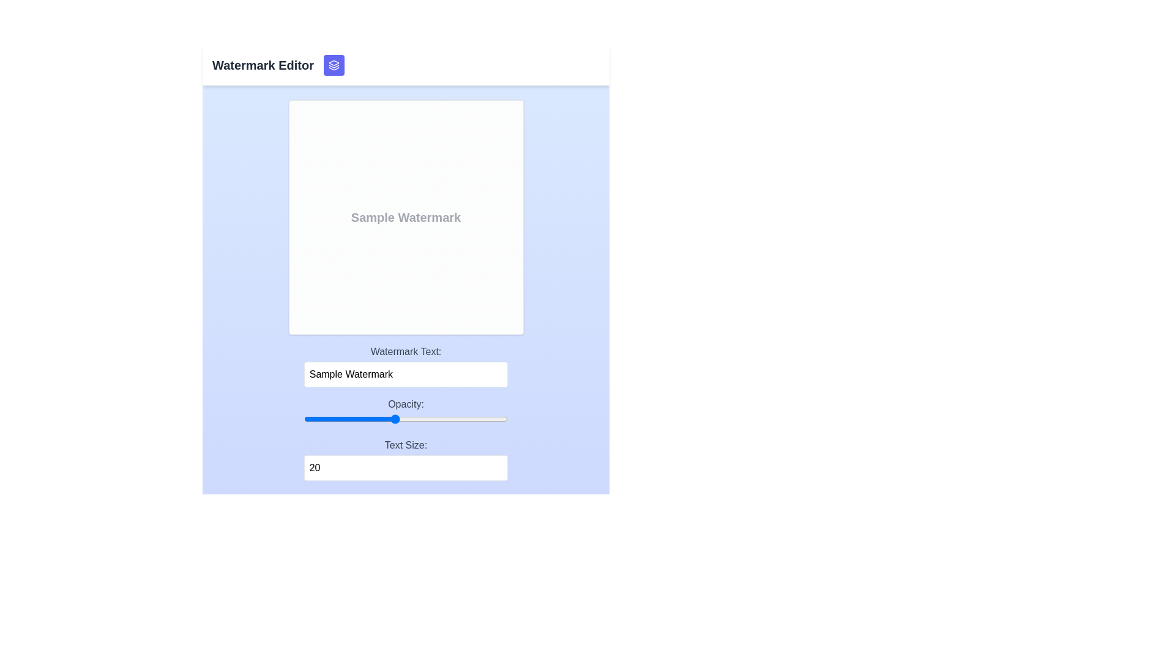  Describe the element at coordinates (280, 419) in the screenshot. I see `the opacity` at that location.